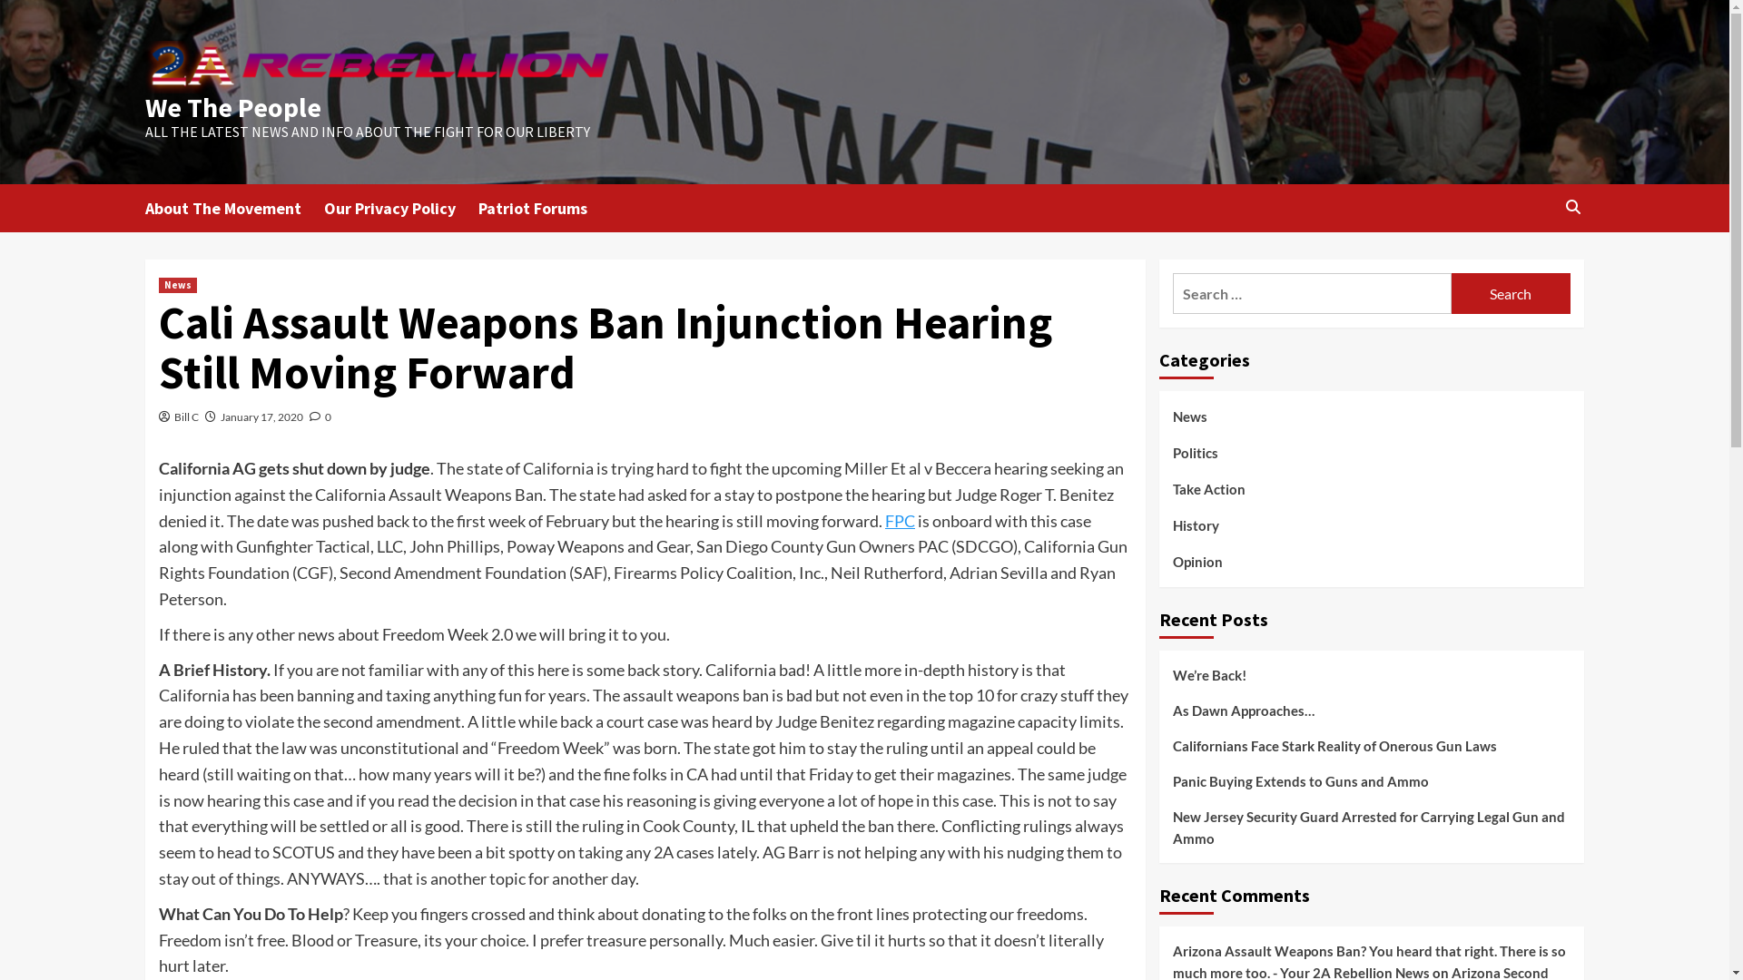 The image size is (1743, 980). I want to click on 'Search', so click(1511, 292).